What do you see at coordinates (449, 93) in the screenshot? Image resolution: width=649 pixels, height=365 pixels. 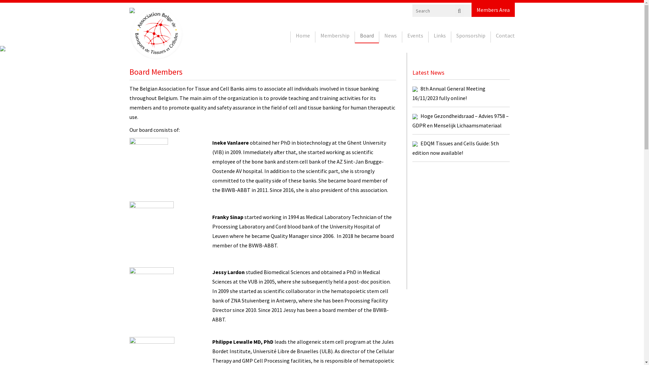 I see `'8th Annual General Meeting 16/11/2023 fully online!'` at bounding box center [449, 93].